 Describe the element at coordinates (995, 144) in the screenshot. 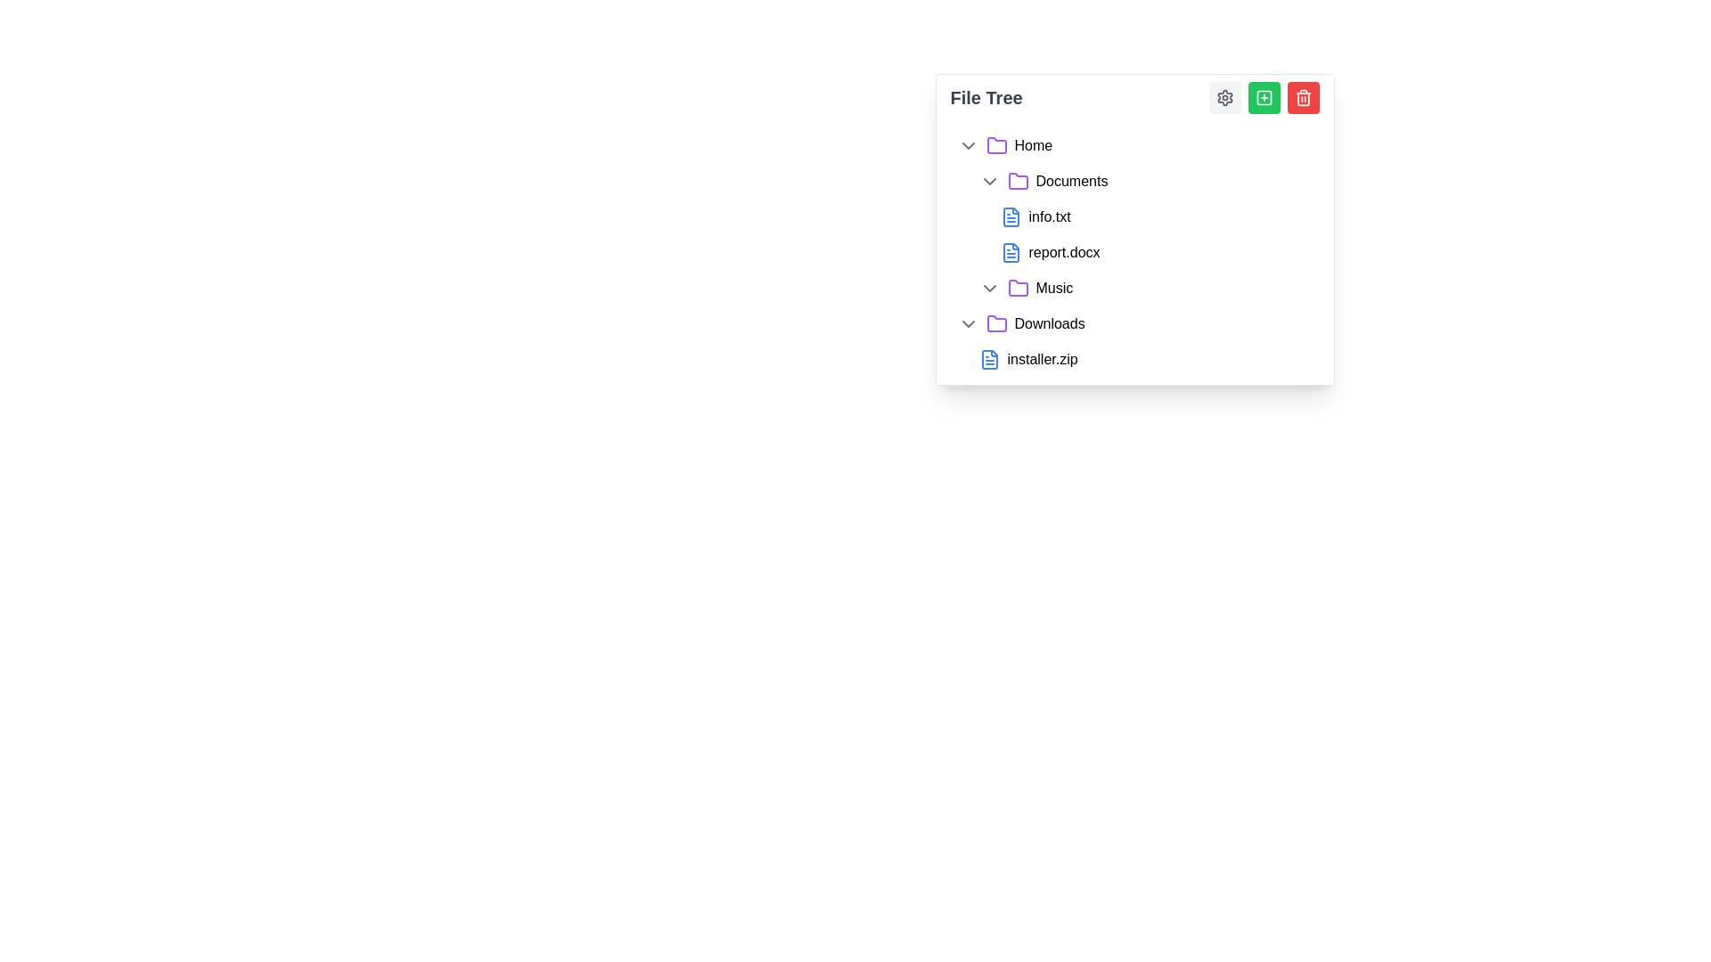

I see `the purple folder icon representing the 'Home' directory, located near the top-left corner of the file tree panel` at that location.